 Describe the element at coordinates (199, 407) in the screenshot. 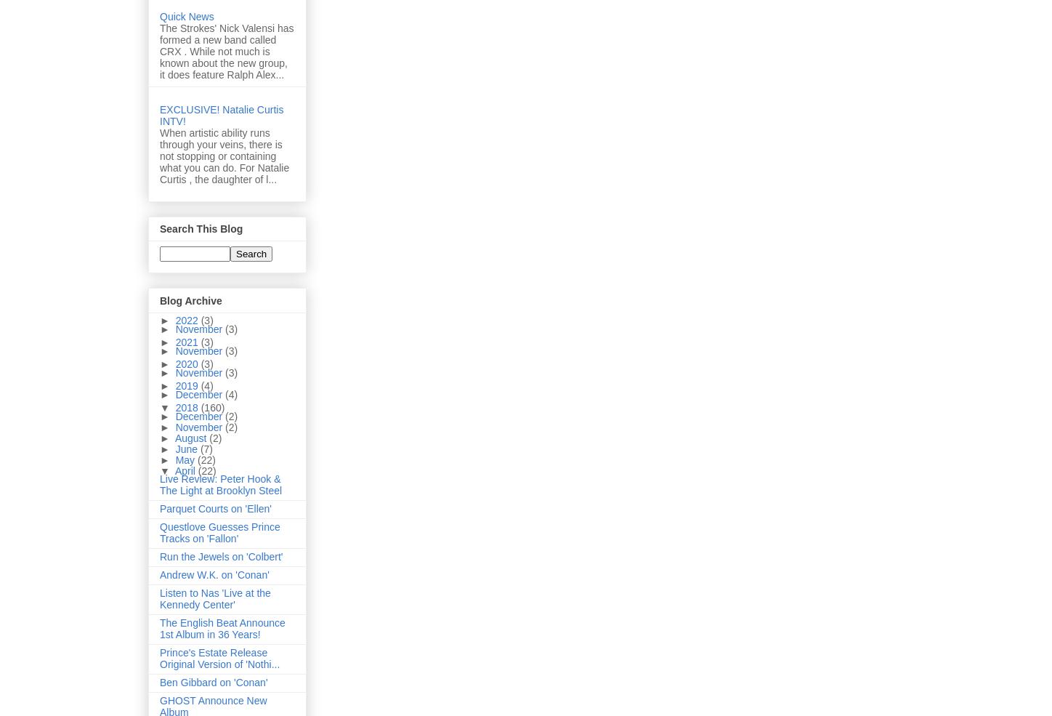

I see `'(160)'` at that location.